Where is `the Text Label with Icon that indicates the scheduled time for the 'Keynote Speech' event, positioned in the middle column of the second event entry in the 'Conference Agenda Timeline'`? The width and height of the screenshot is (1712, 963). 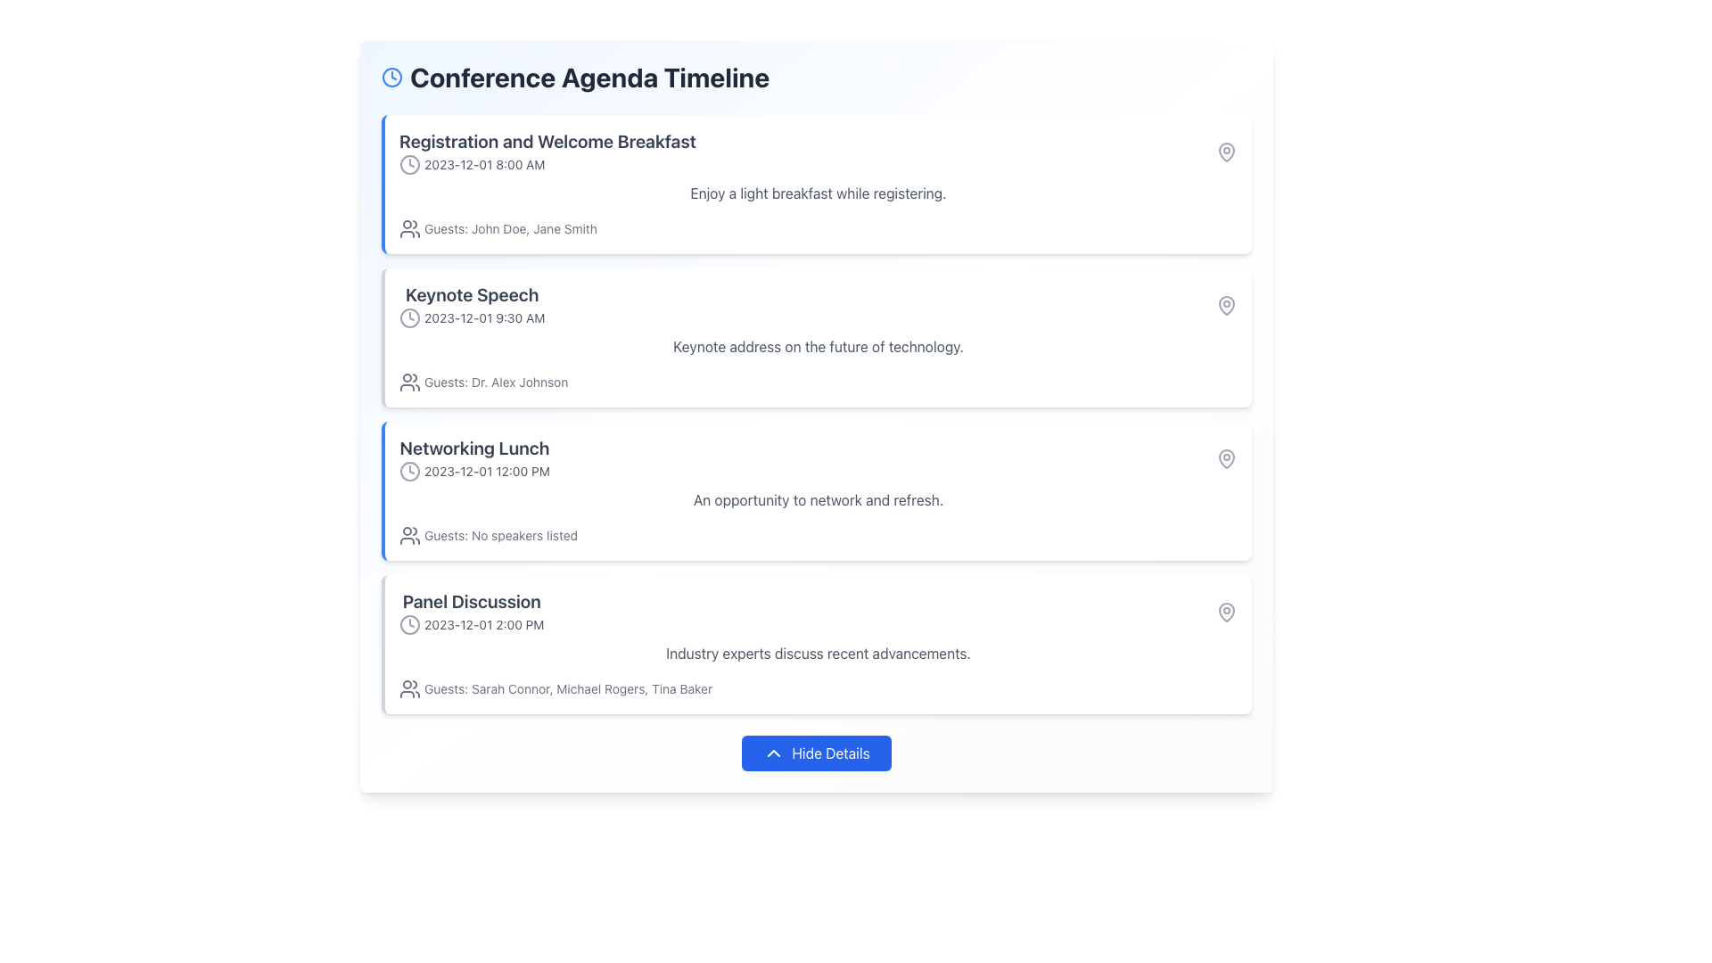 the Text Label with Icon that indicates the scheduled time for the 'Keynote Speech' event, positioned in the middle column of the second event entry in the 'Conference Agenda Timeline' is located at coordinates (472, 317).